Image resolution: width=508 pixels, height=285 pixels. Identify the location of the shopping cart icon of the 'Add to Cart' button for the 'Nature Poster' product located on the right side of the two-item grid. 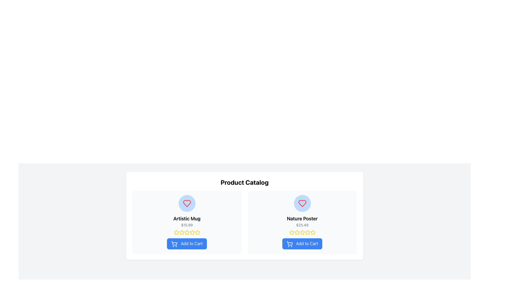
(289, 244).